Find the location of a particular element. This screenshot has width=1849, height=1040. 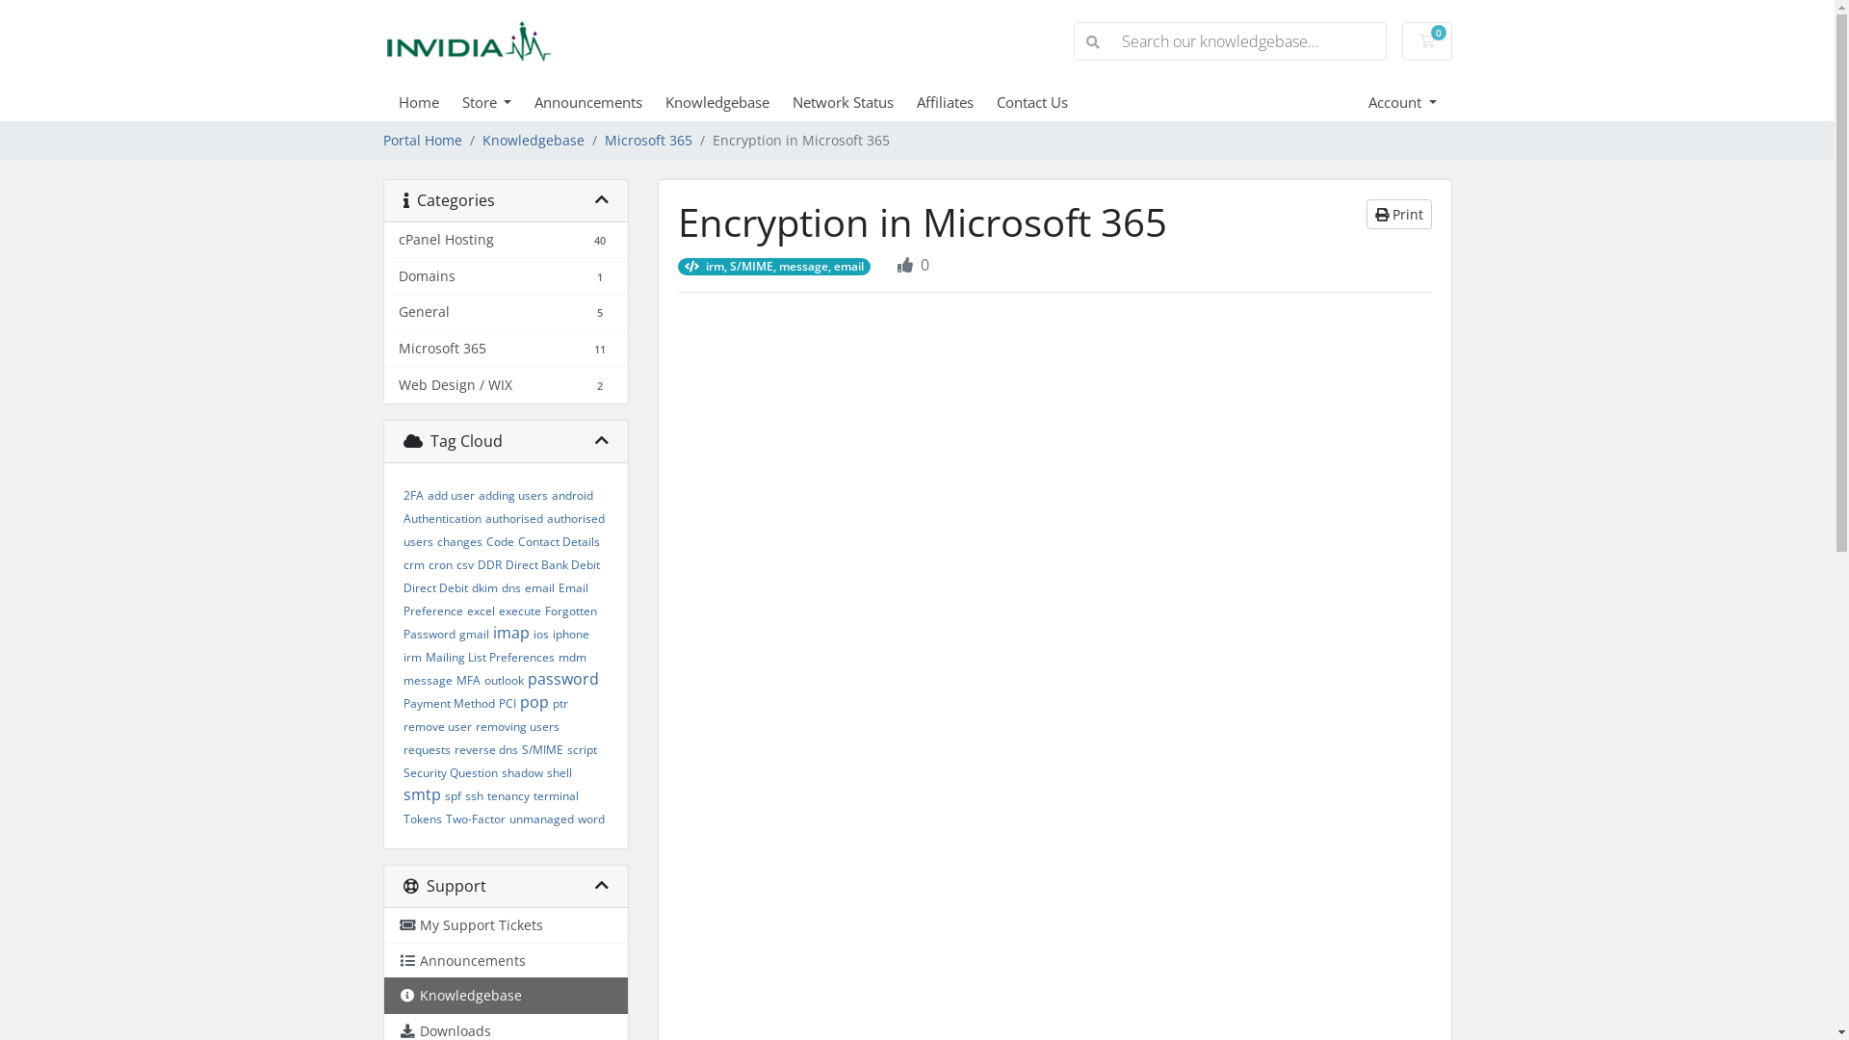

'iphone' is located at coordinates (552, 634).